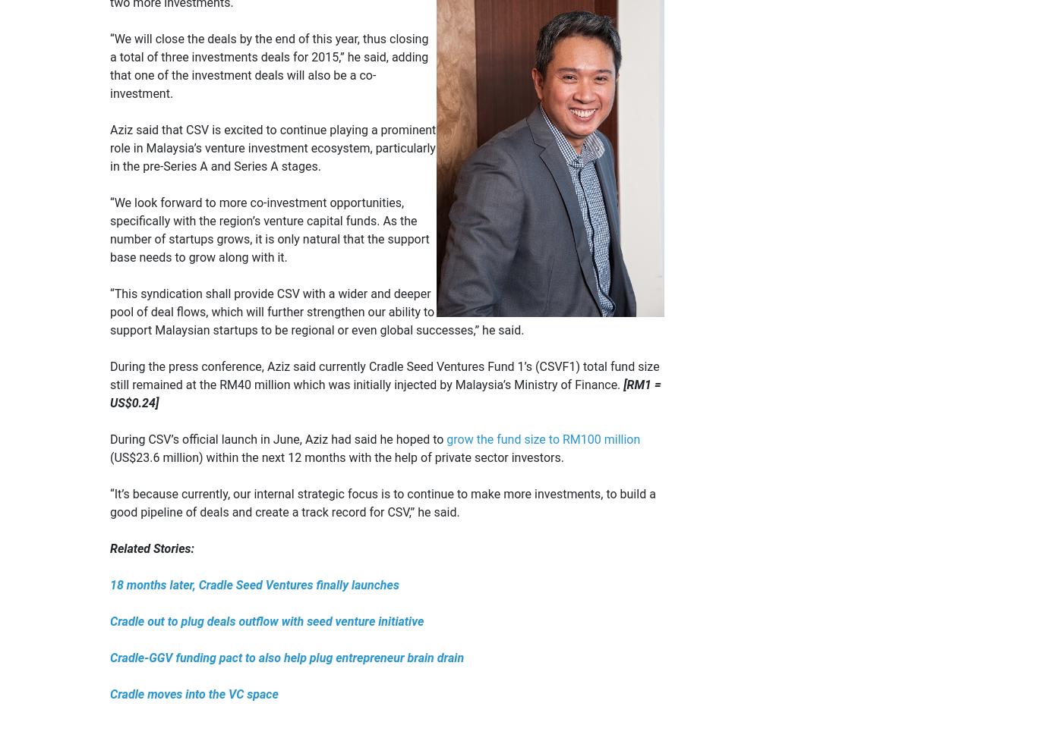 The height and width of the screenshot is (738, 1063). What do you see at coordinates (278, 438) in the screenshot?
I see `'During CSV’s official launch in June, Aziz had said he hoped to'` at bounding box center [278, 438].